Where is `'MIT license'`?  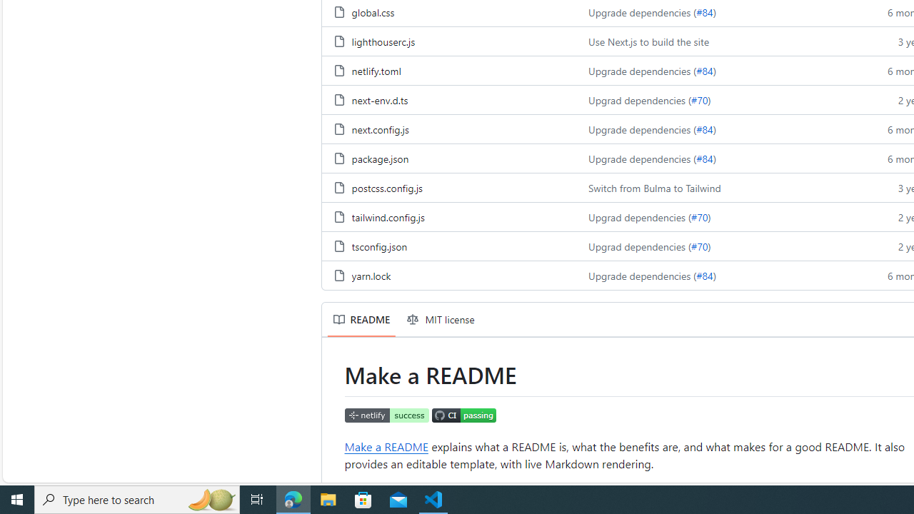
'MIT license' is located at coordinates (441, 318).